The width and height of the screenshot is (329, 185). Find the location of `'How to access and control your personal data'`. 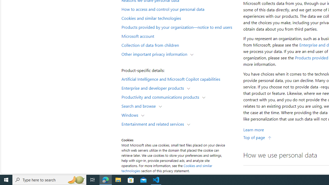

'How to access and control your personal data' is located at coordinates (179, 9).